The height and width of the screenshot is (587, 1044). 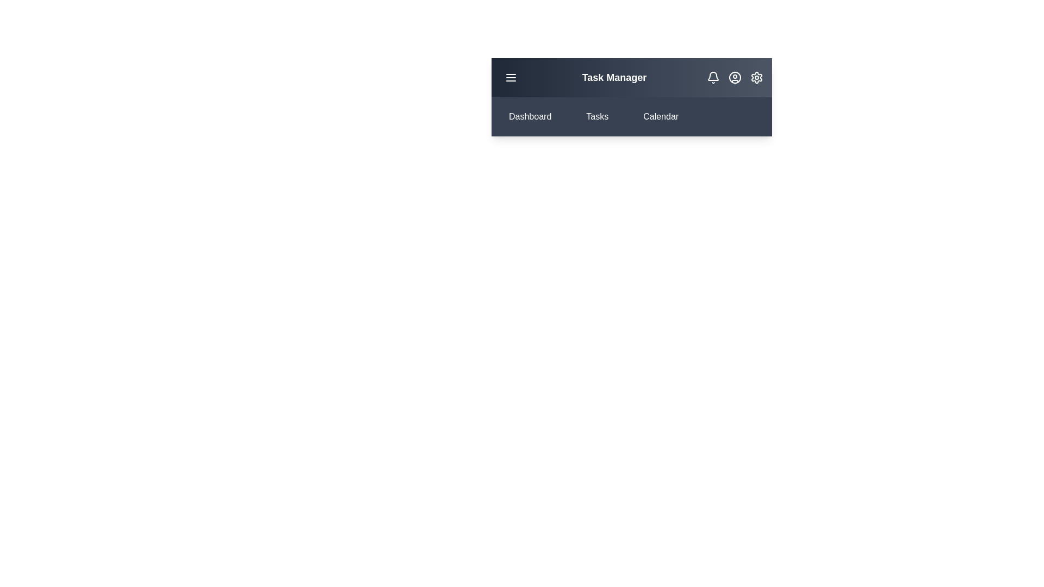 I want to click on the menu icon to toggle the menu visibility, so click(x=511, y=77).